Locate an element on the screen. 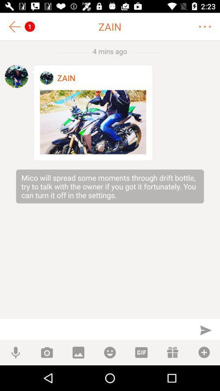  look at profile picture is located at coordinates (46, 78).